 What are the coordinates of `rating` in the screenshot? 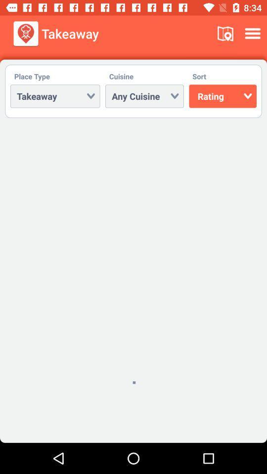 It's located at (223, 96).